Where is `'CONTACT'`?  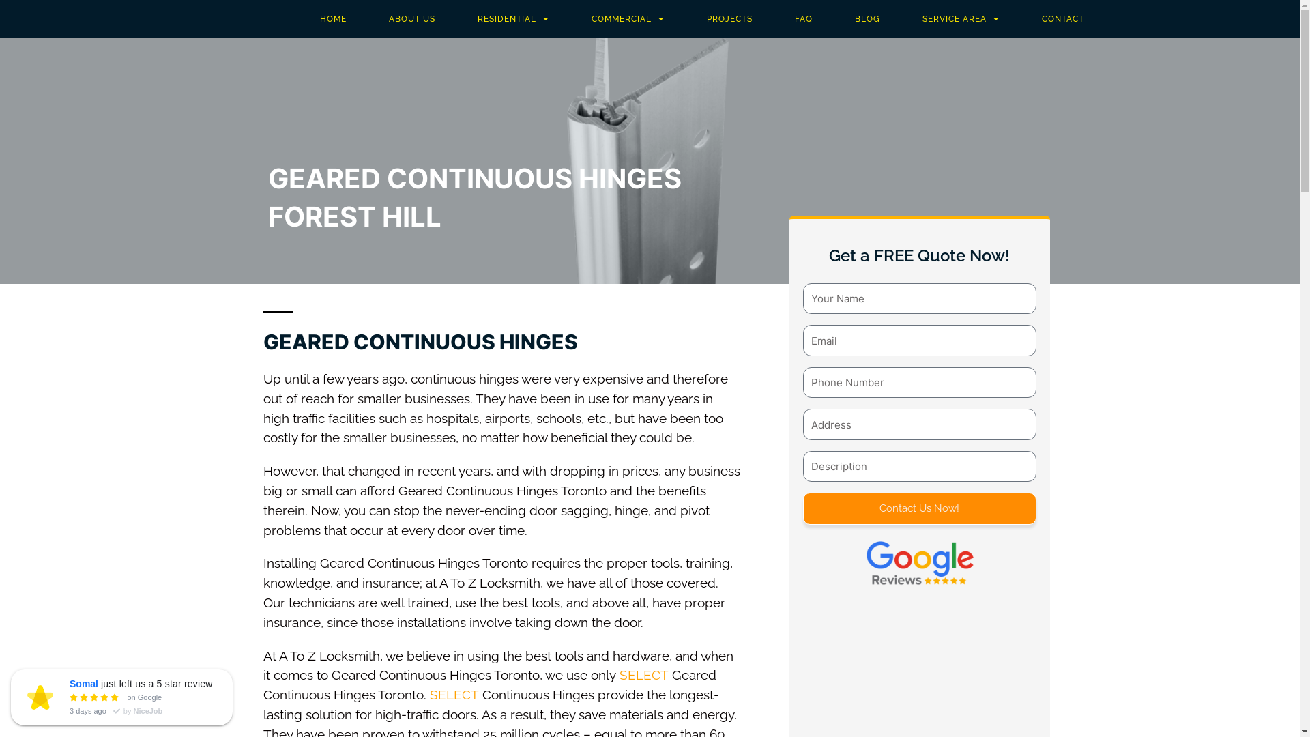
'CONTACT' is located at coordinates (1062, 18).